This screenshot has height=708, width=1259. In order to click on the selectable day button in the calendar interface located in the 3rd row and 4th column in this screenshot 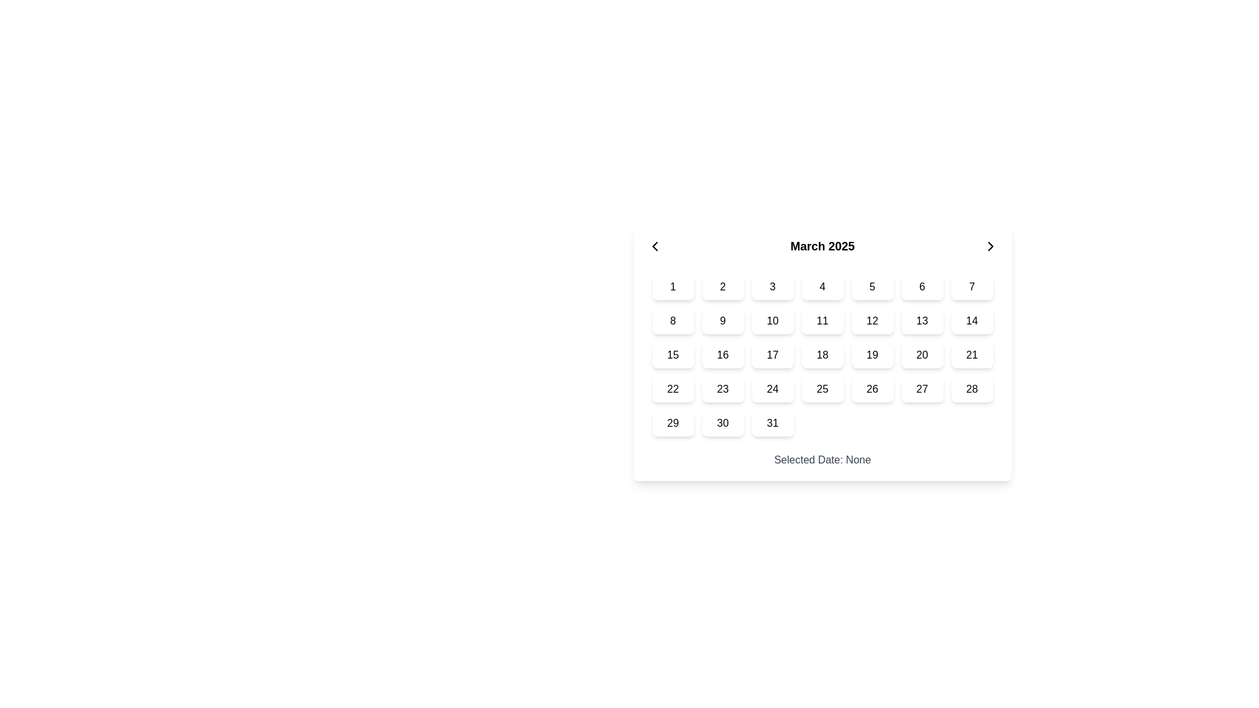, I will do `click(822, 355)`.